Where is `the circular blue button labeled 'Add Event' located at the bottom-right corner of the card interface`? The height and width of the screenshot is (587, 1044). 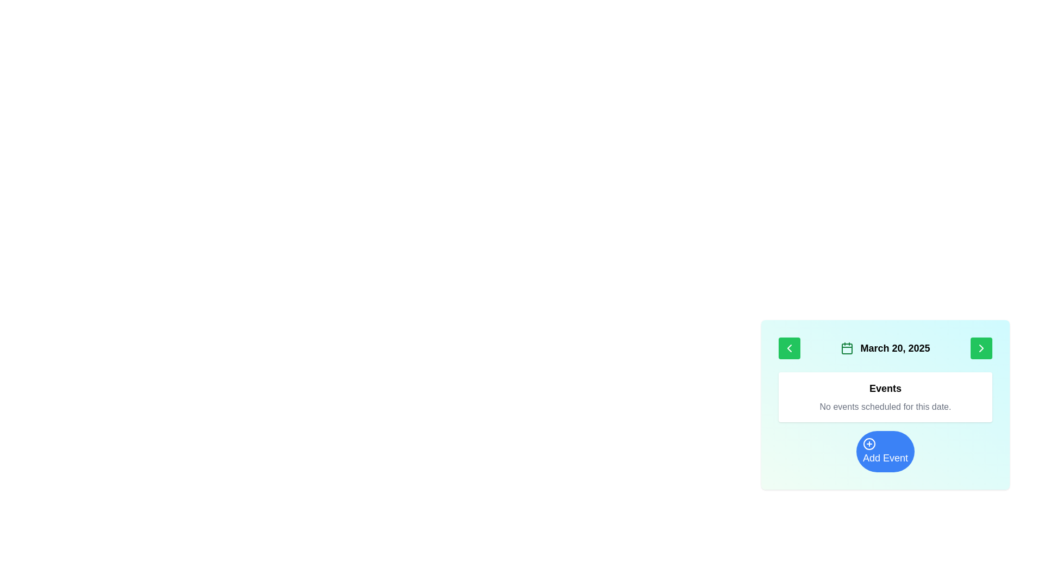
the circular blue button labeled 'Add Event' located at the bottom-right corner of the card interface is located at coordinates (885, 451).